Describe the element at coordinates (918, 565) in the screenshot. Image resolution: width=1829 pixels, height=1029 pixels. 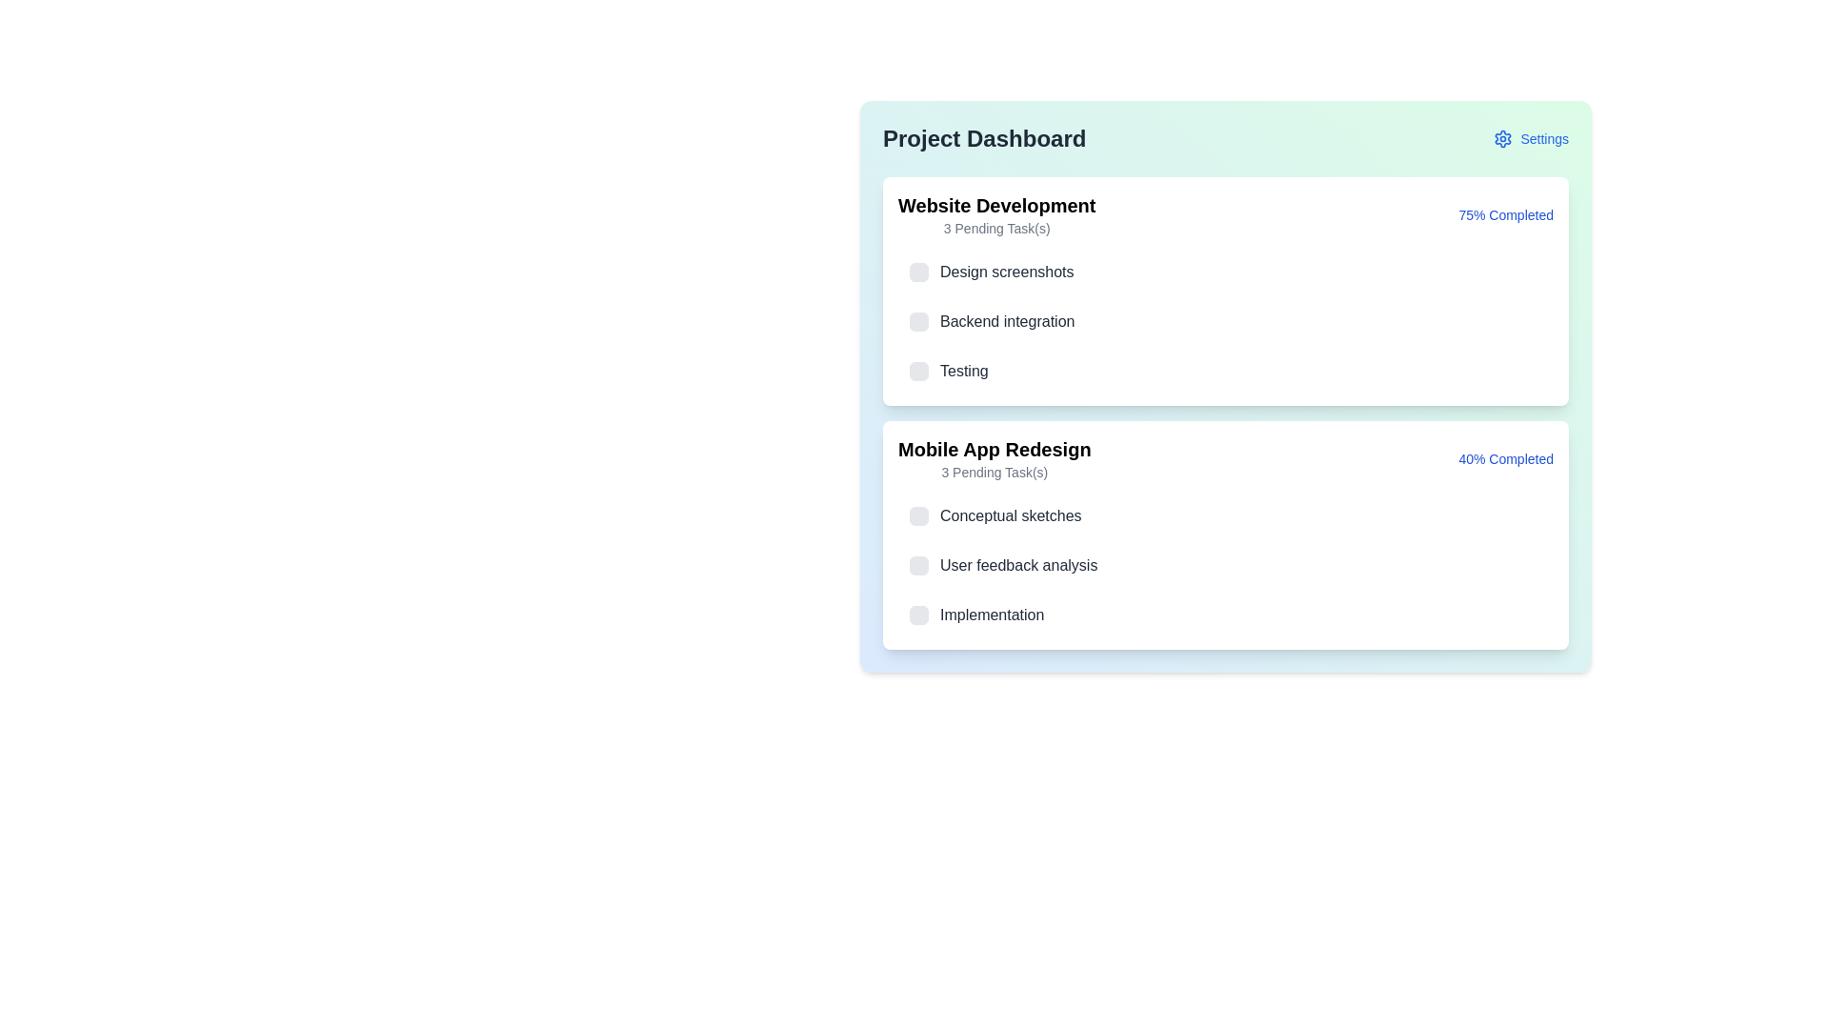
I see `the checkbox associated with the task labeled 'User feedback analysis'` at that location.